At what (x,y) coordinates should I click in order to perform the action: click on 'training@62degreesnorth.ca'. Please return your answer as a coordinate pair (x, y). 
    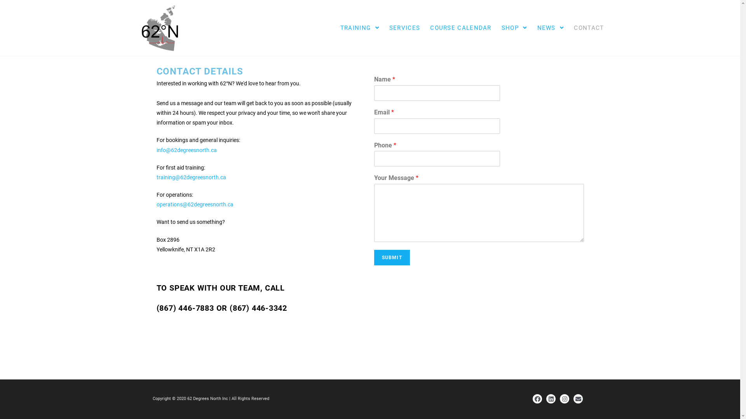
    Looking at the image, I should click on (156, 177).